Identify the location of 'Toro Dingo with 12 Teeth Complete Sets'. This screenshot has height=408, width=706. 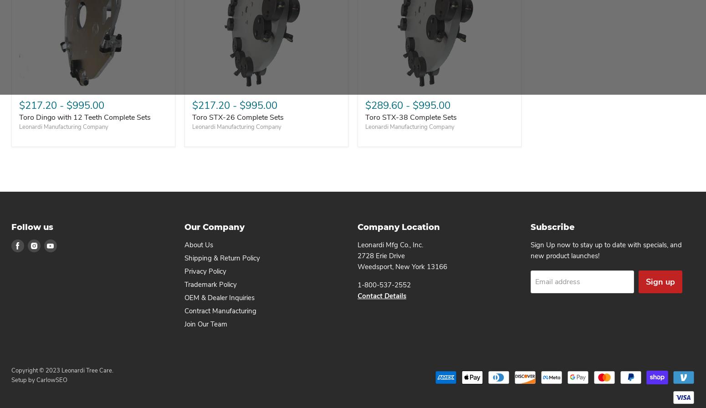
(84, 117).